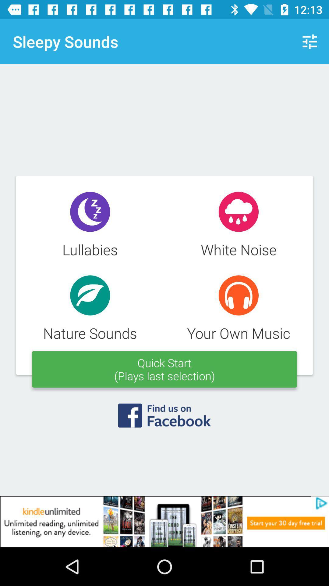  I want to click on the icon which is above white noise, so click(238, 212).